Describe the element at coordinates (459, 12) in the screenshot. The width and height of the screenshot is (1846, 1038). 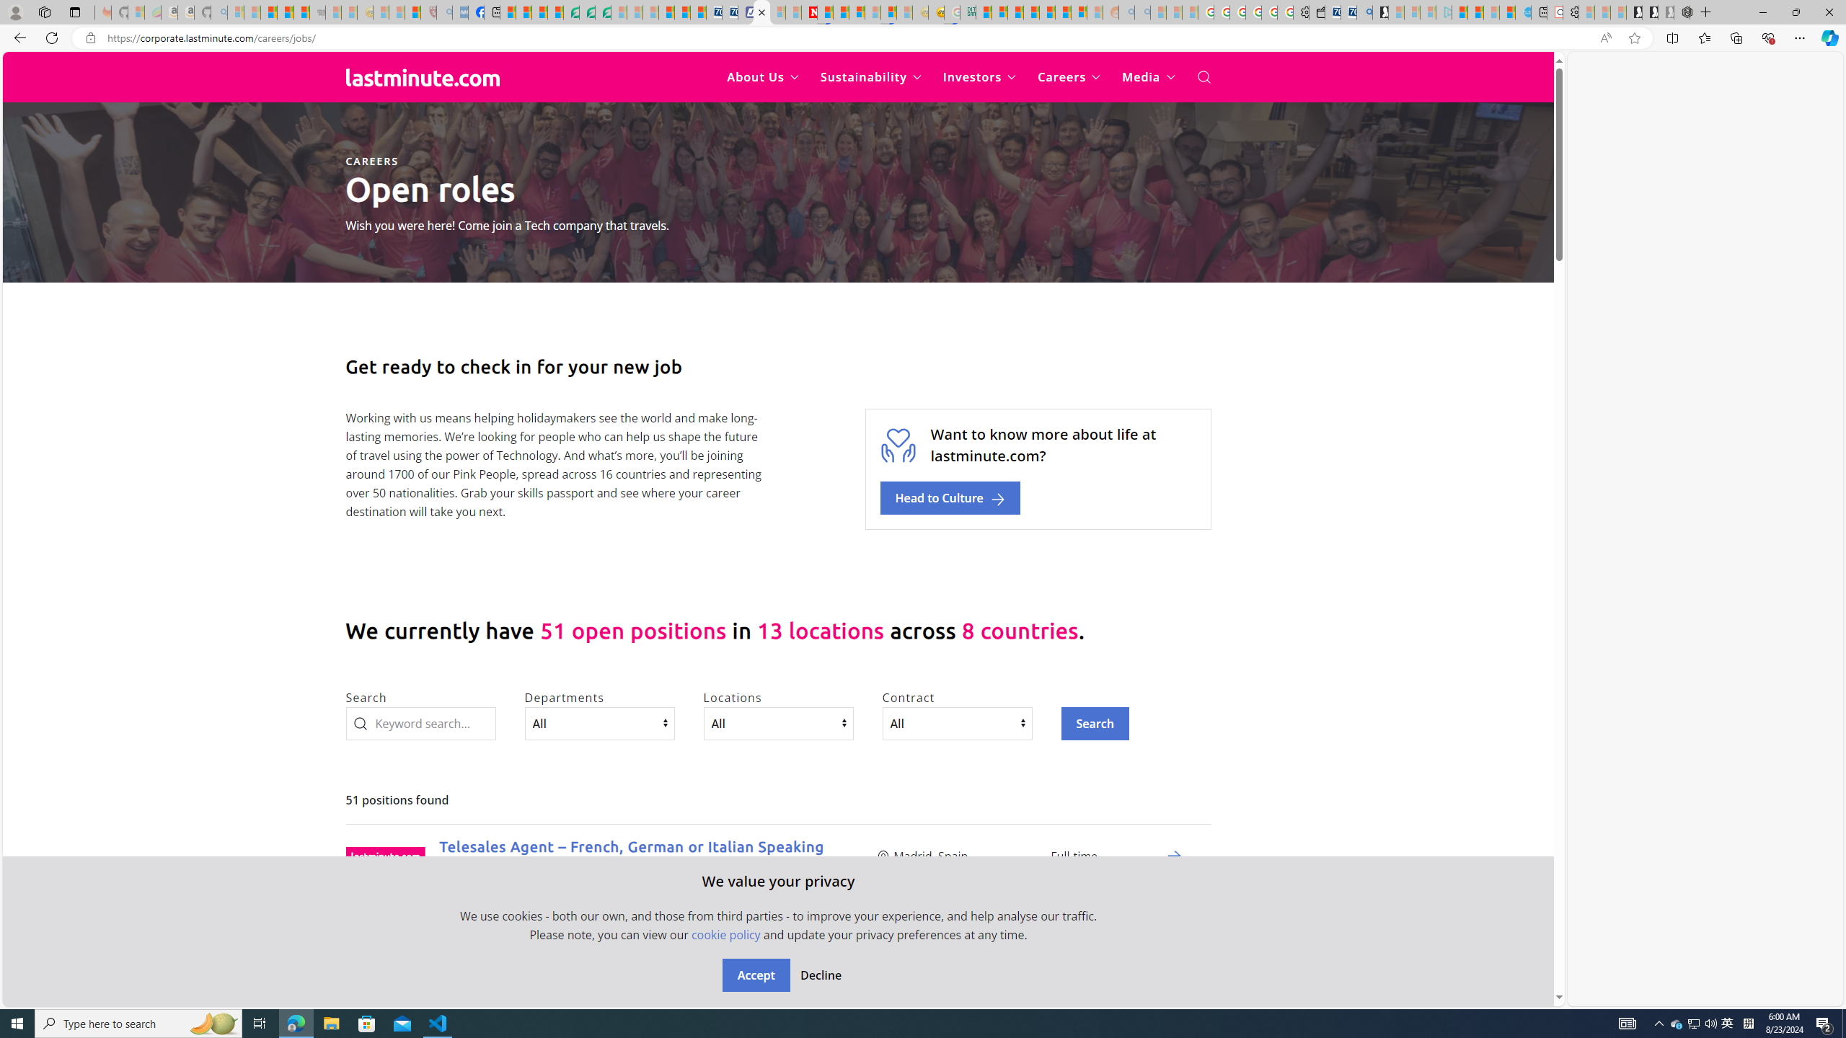
I see `'NCL Adult Asthma Inhaler Choice Guideline - Sleeping'` at that location.